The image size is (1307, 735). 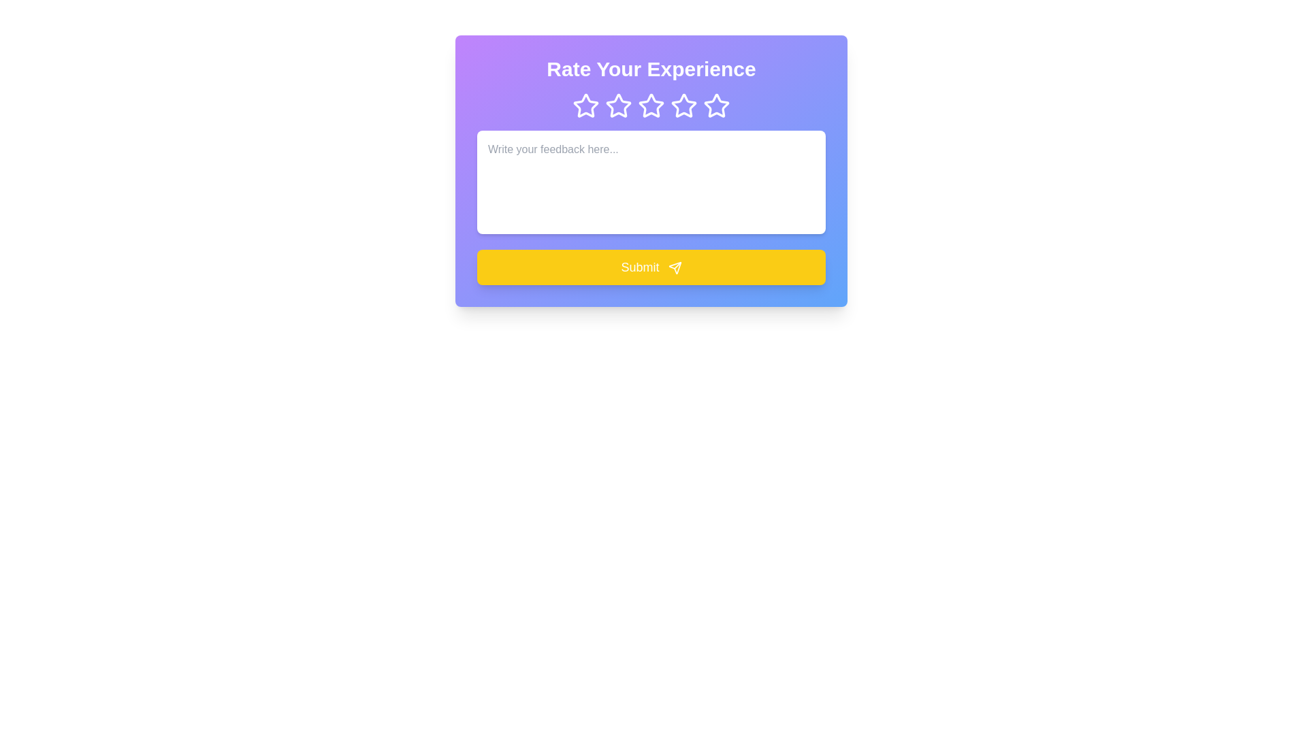 What do you see at coordinates (617, 105) in the screenshot?
I see `the third star-shaped icon in the rating component` at bounding box center [617, 105].